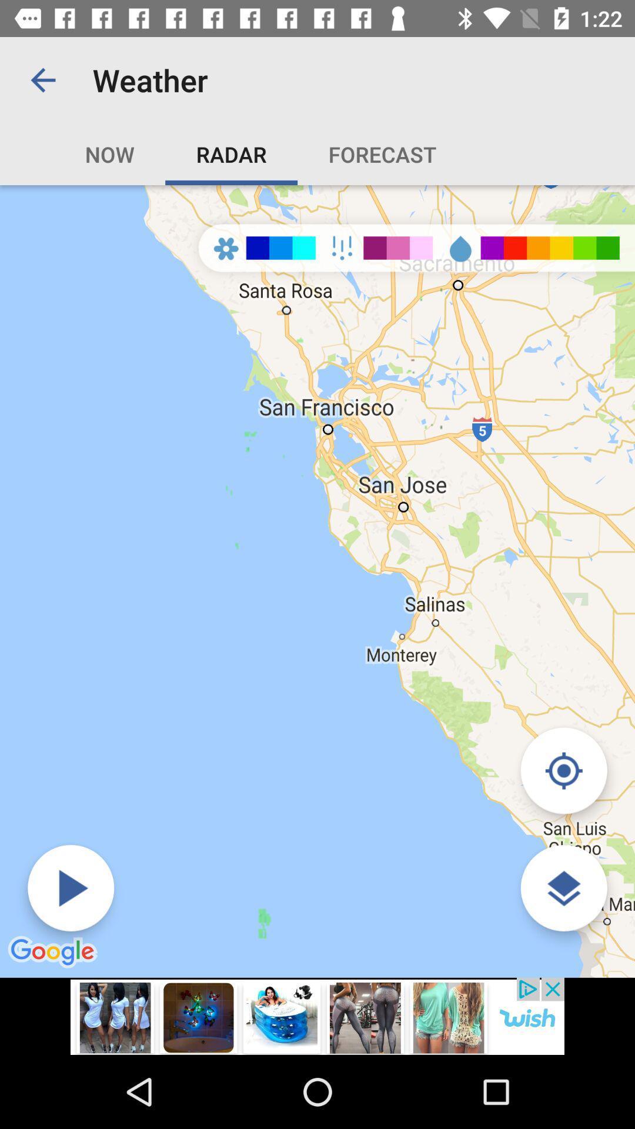  Describe the element at coordinates (563, 770) in the screenshot. I see `the location_crosshair icon` at that location.